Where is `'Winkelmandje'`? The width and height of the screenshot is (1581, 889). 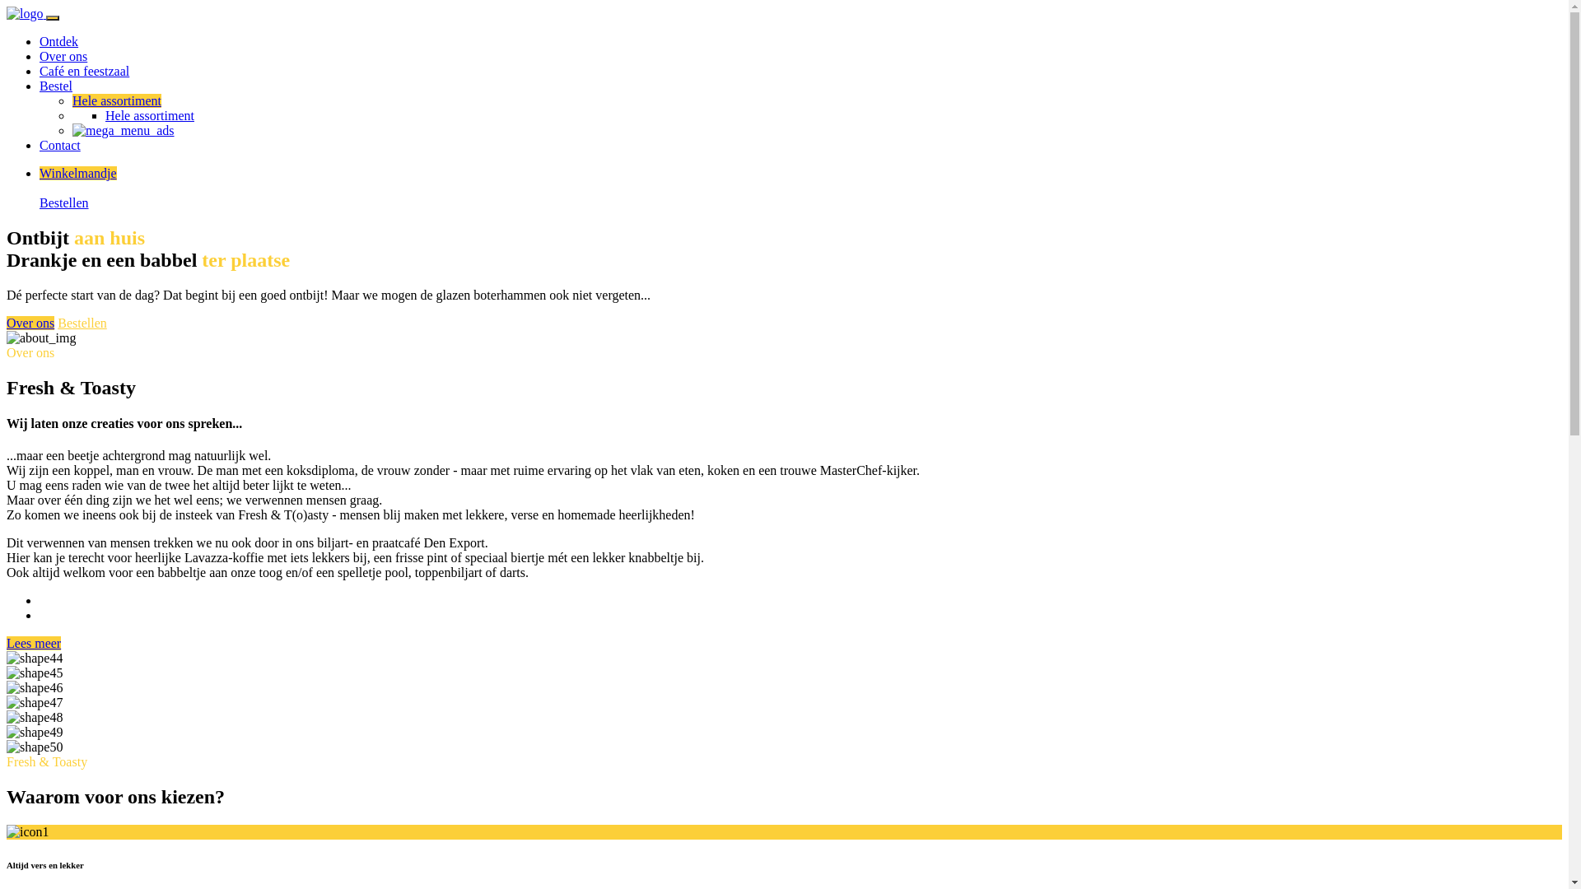
'Winkelmandje' is located at coordinates (77, 173).